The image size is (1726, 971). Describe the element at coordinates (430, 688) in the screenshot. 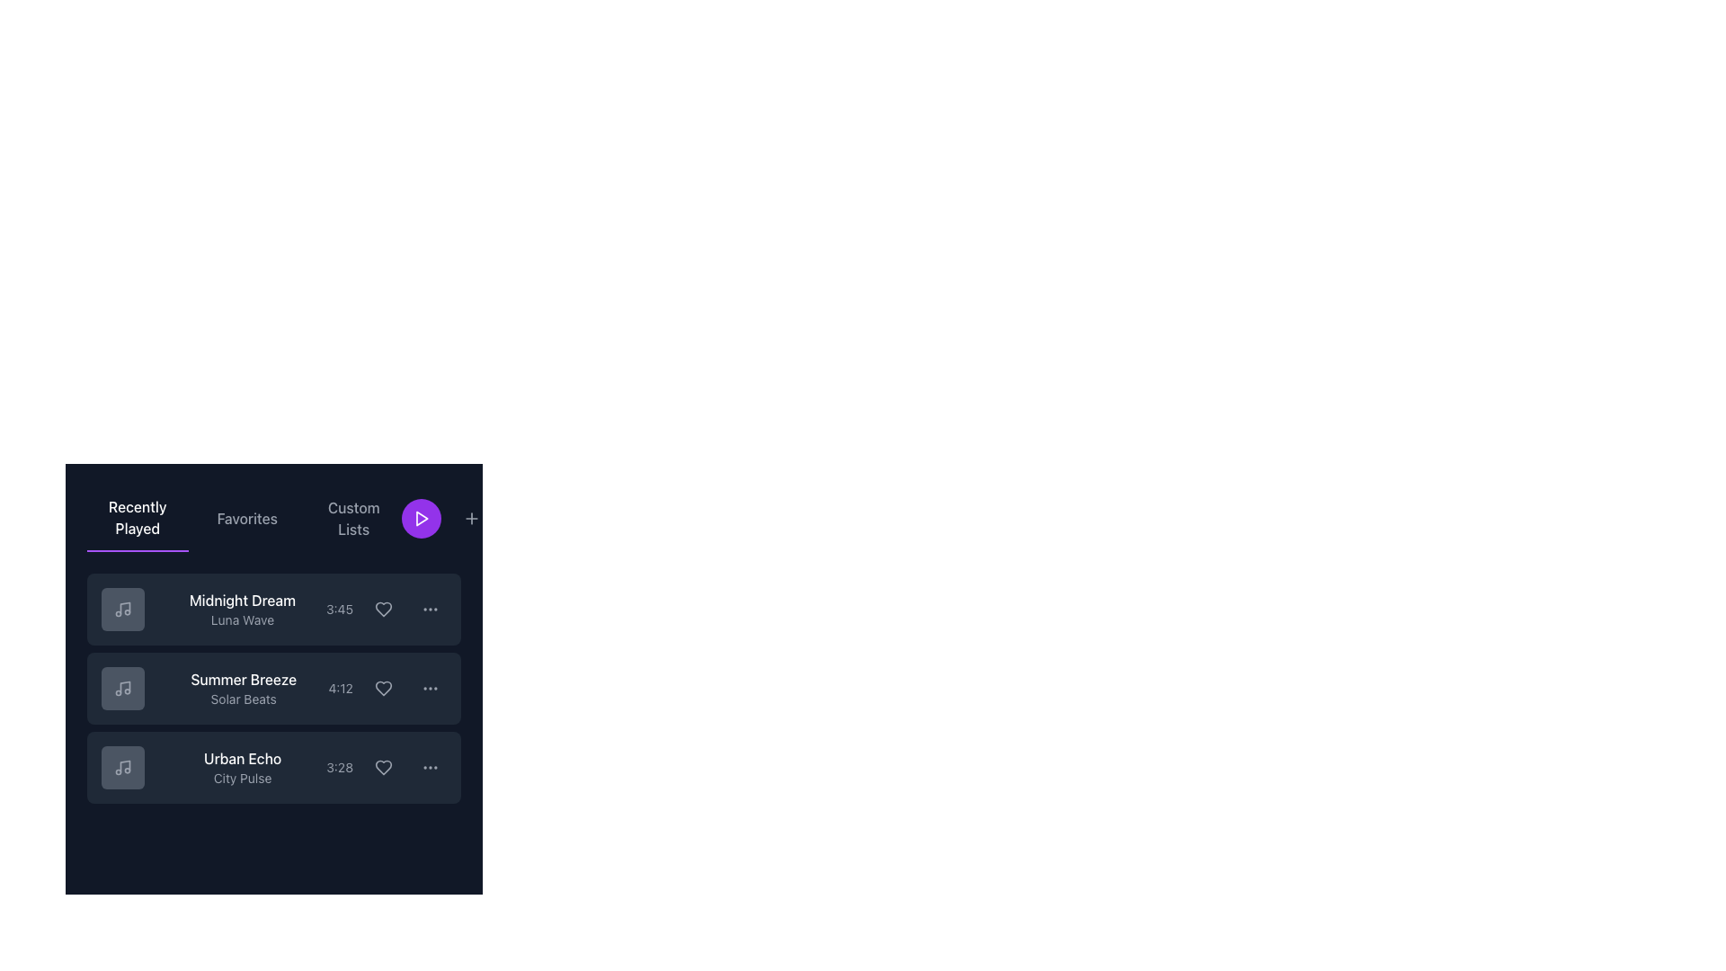

I see `the ellipsis menu button, which is a horizontal icon made of three equally spaced circular dots` at that location.